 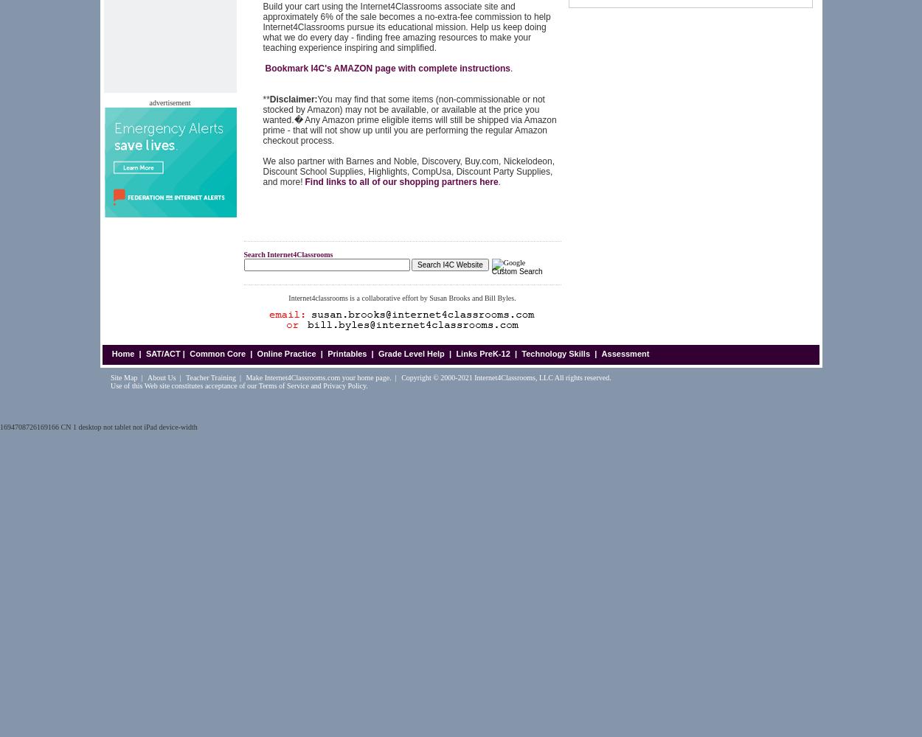 I want to click on 'Teacher Training', so click(x=210, y=377).